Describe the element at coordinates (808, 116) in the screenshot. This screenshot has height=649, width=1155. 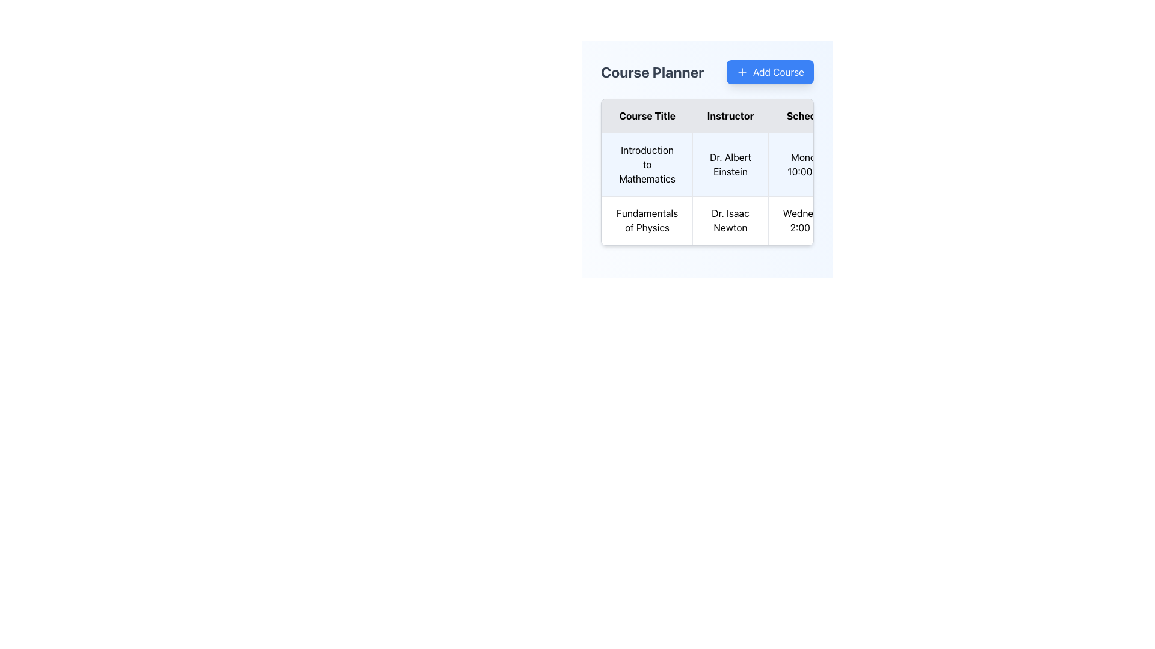
I see `the table column header labeled 'Schedule', which is the third column header in the table, positioned between 'Instructor' and 'Actions'` at that location.